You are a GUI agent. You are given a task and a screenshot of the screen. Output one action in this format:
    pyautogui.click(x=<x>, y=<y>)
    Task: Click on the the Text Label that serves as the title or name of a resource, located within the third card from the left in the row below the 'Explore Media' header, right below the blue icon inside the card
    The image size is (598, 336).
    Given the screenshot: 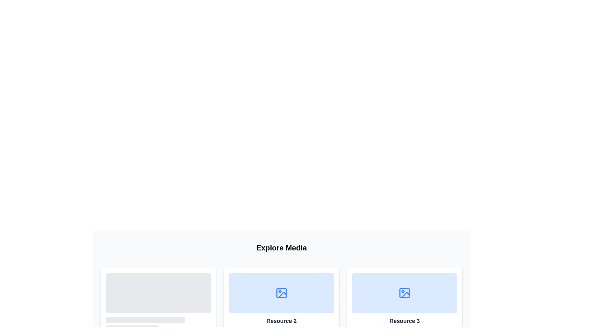 What is the action you would take?
    pyautogui.click(x=405, y=321)
    